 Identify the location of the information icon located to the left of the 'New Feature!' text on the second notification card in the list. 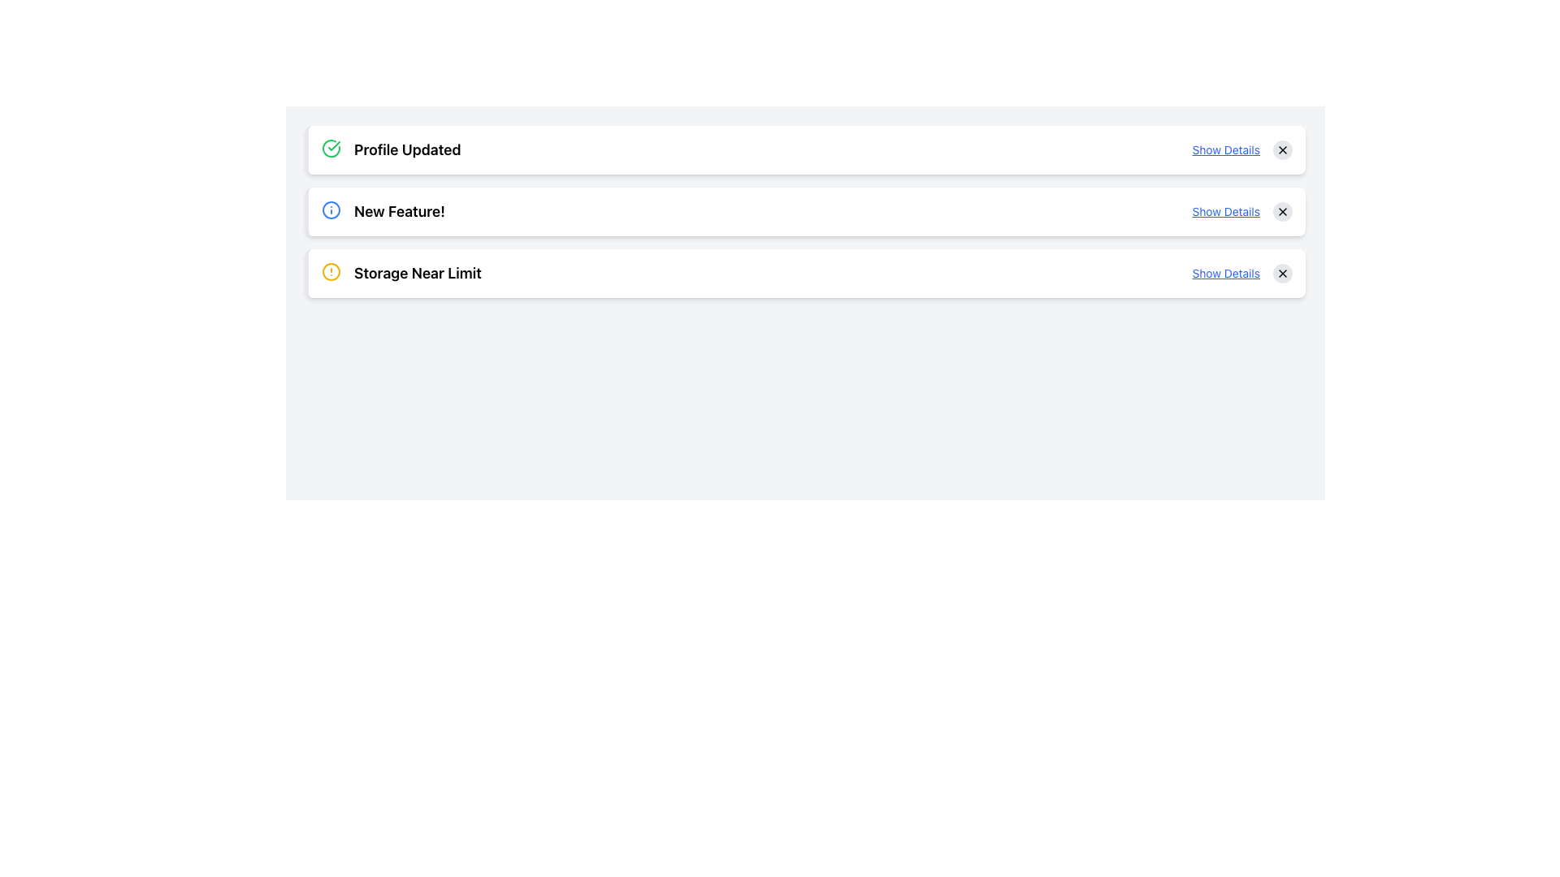
(331, 209).